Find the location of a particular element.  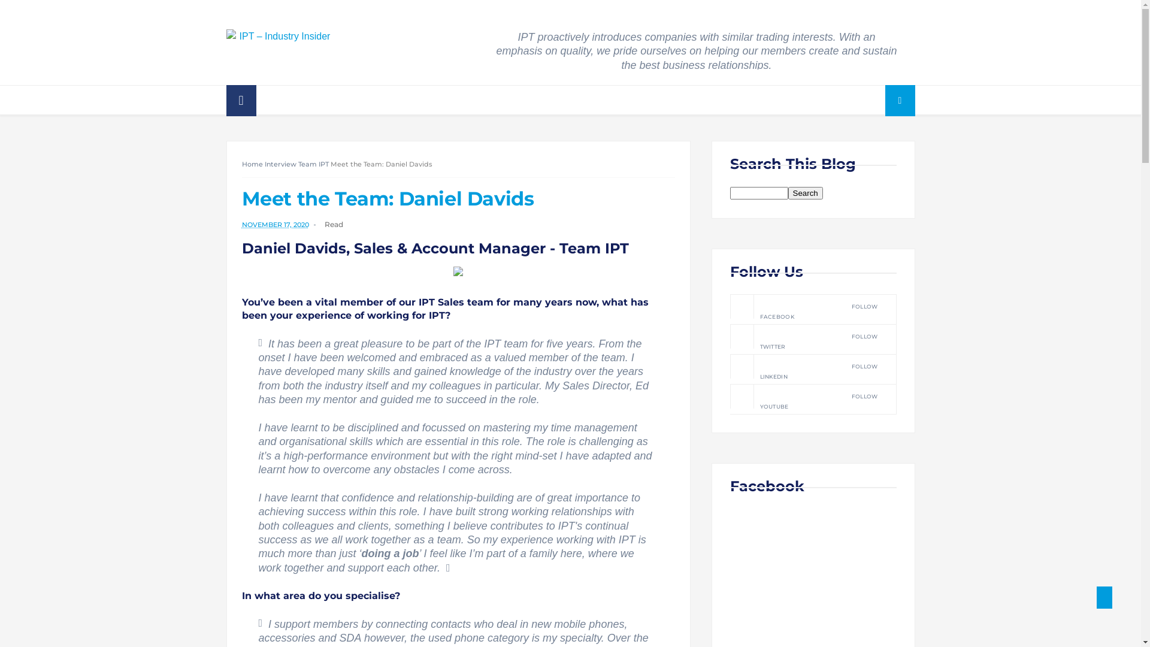

'search' is located at coordinates (805, 192).